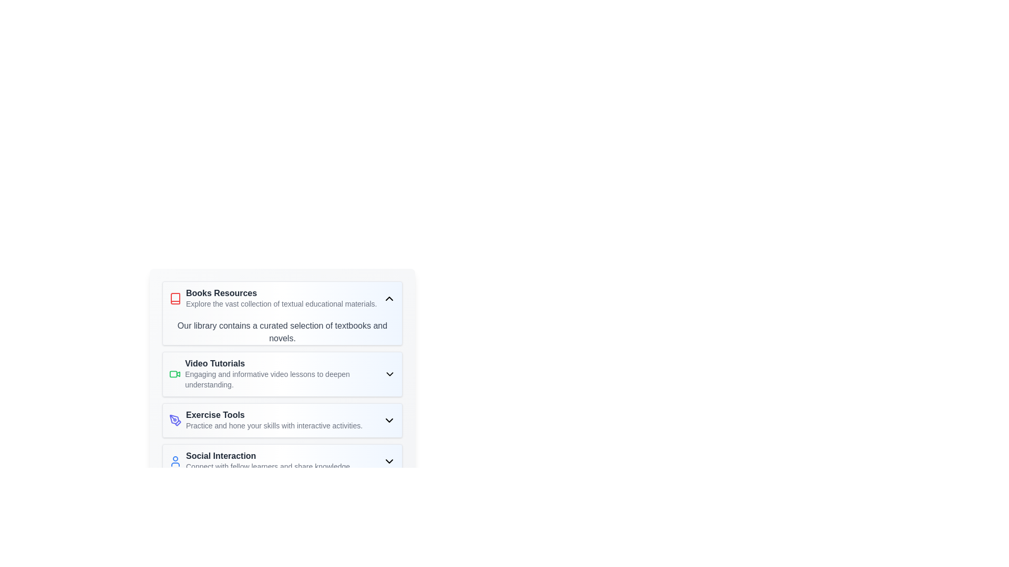  I want to click on the Collapsible panel header labeled 'Video Tutorials', so click(282, 374).